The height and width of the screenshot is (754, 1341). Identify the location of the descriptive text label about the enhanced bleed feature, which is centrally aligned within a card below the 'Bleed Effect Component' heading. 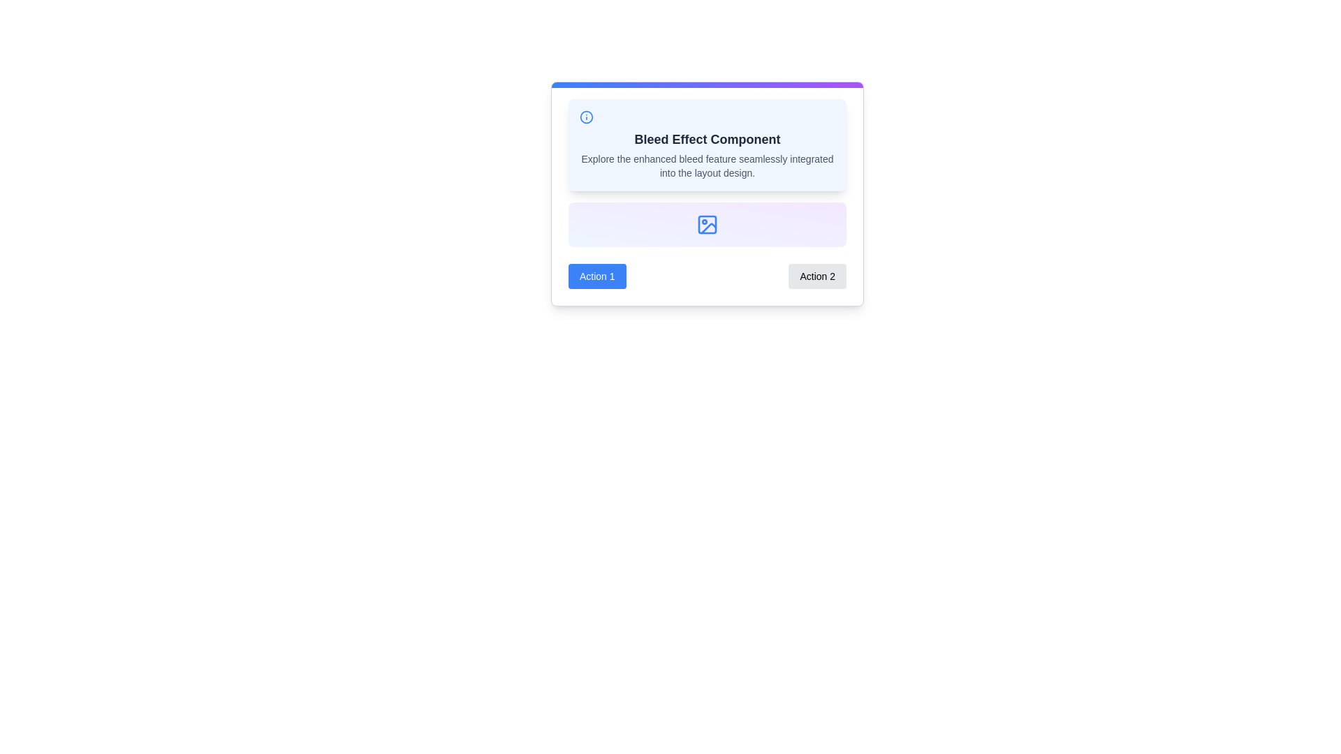
(707, 165).